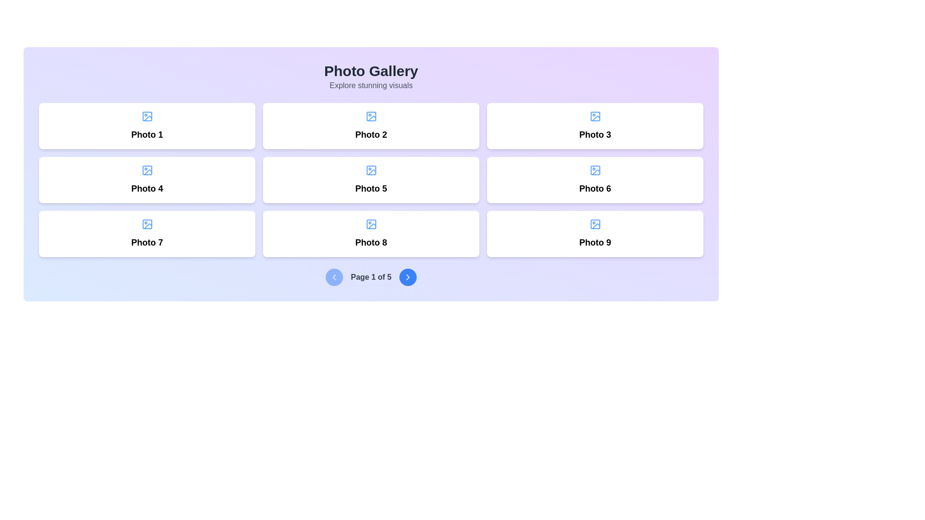 Image resolution: width=925 pixels, height=520 pixels. What do you see at coordinates (370, 116) in the screenshot?
I see `the small rectangle with slightly rounded corners within the blue-themed icon of the Photo 2 card located in the top-left corner of the card` at bounding box center [370, 116].